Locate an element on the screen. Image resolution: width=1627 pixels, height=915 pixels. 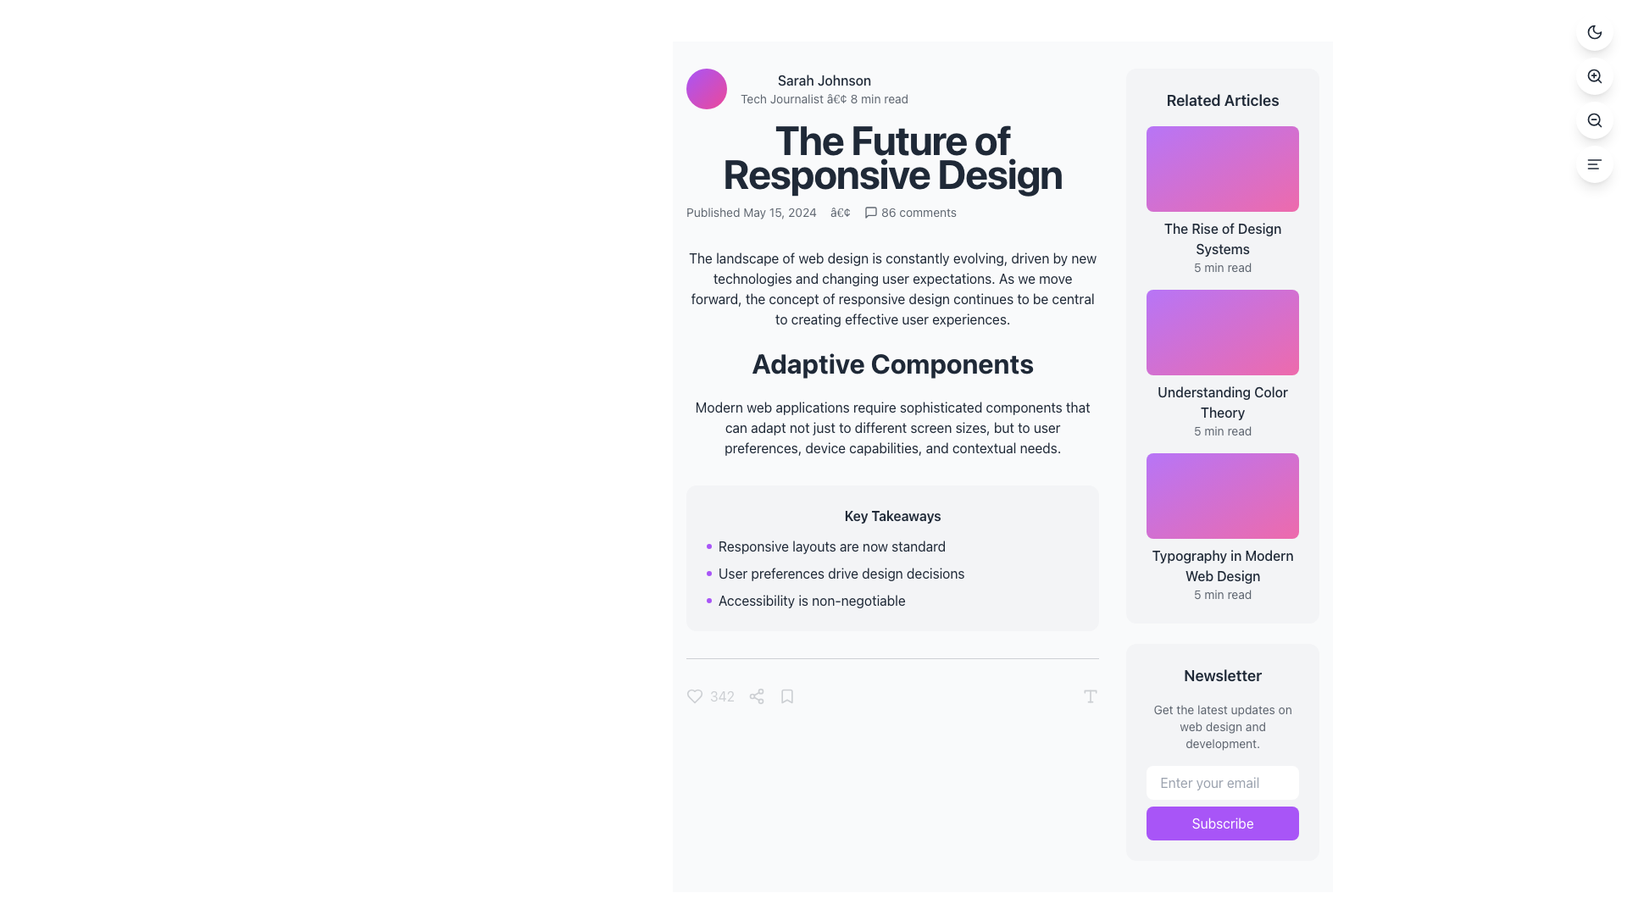
key takeaways from the bulleted list located under the 'Key Takeaways' heading, which contains three entries with purple circular markers is located at coordinates (891, 573).